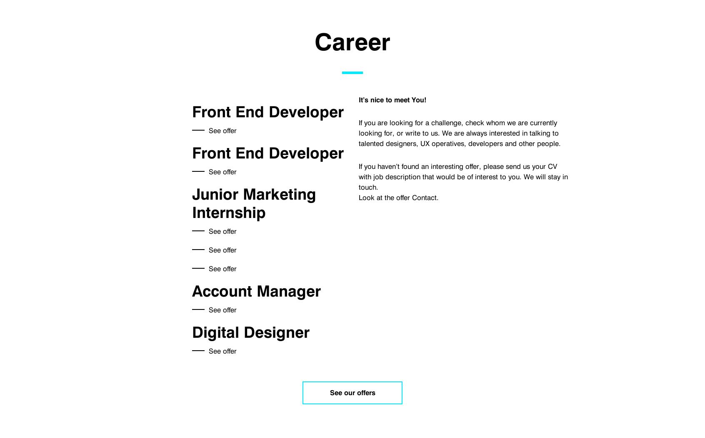  What do you see at coordinates (398, 197) in the screenshot?
I see `'Look at the offer Contact.'` at bounding box center [398, 197].